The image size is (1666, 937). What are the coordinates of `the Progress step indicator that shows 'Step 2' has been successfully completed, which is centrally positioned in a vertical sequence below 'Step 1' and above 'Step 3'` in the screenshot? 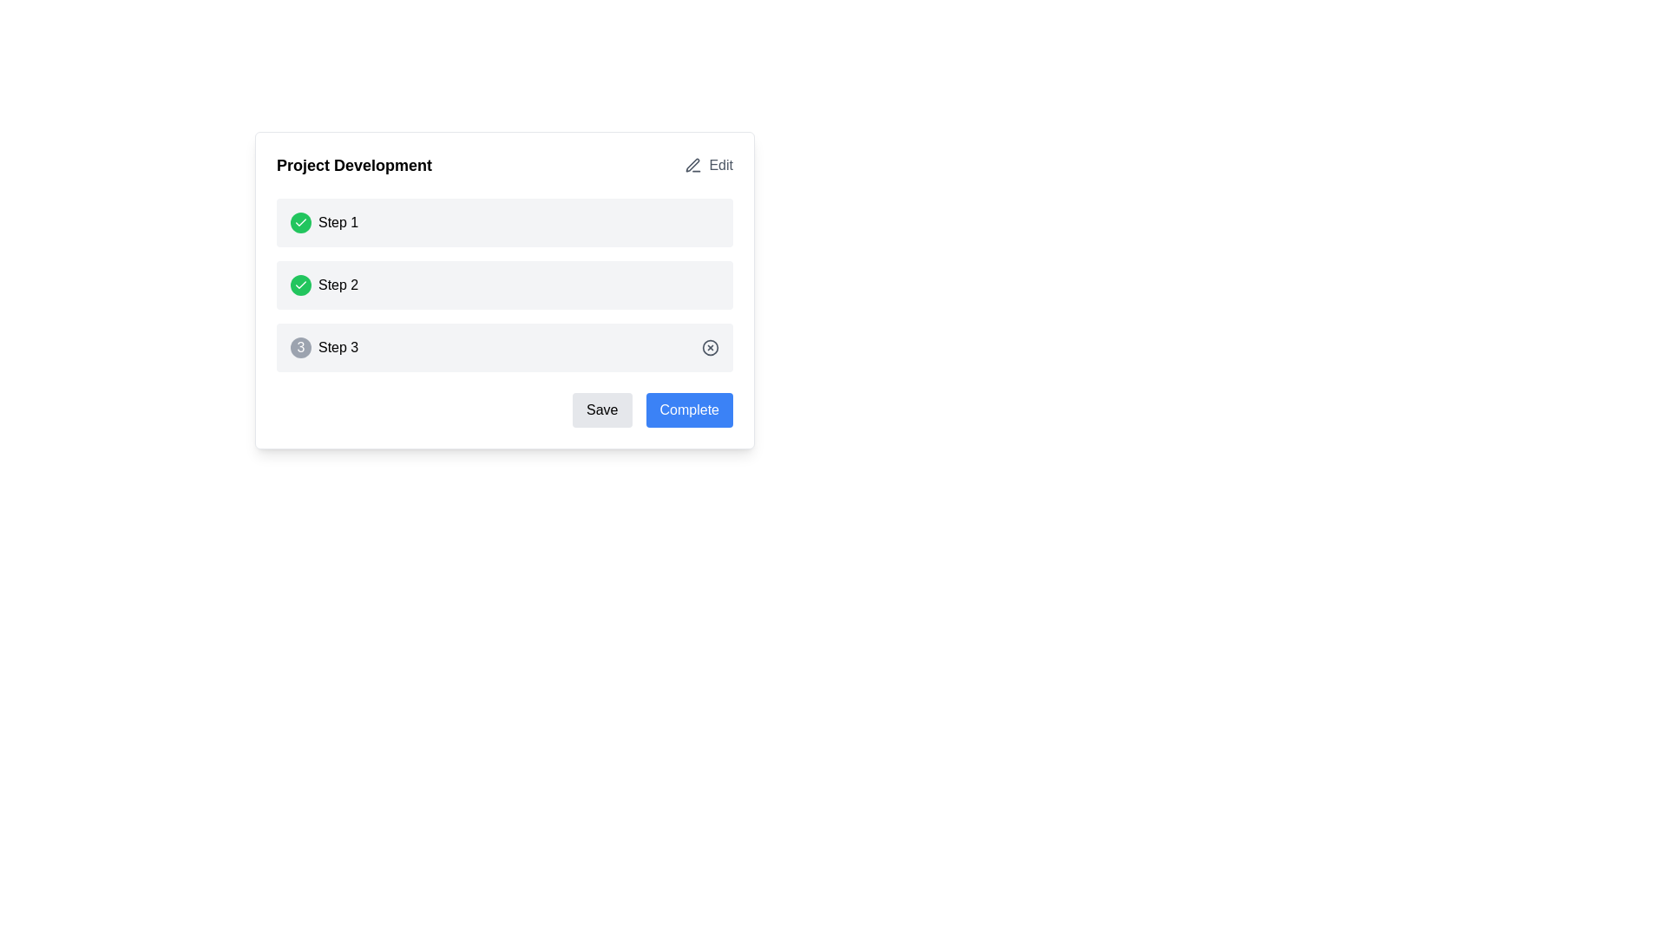 It's located at (503, 284).